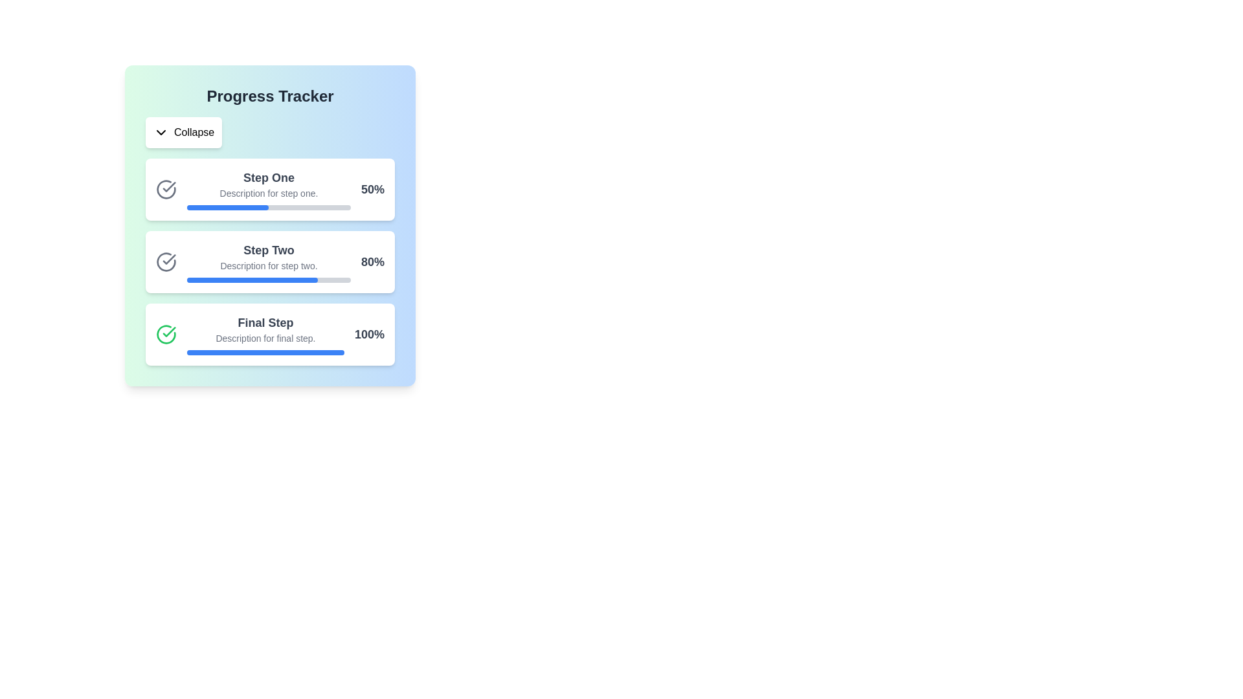 This screenshot has height=699, width=1243. Describe the element at coordinates (228, 206) in the screenshot. I see `the blue progress bar segment located beneath the 'Step One' heading in the progress tracker interface` at that location.